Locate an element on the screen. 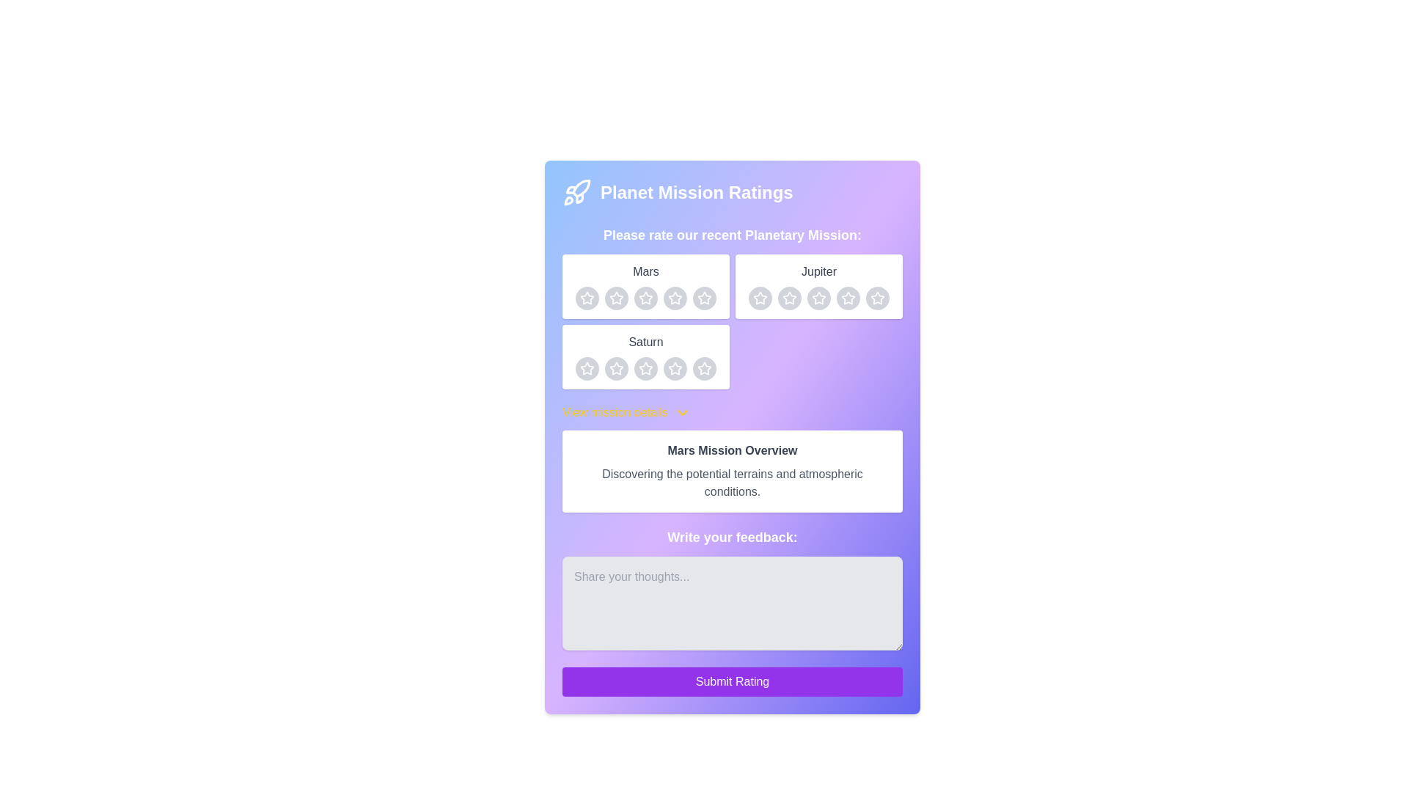  the first star icon in the rating system under the 'Mars' label is located at coordinates (587, 298).